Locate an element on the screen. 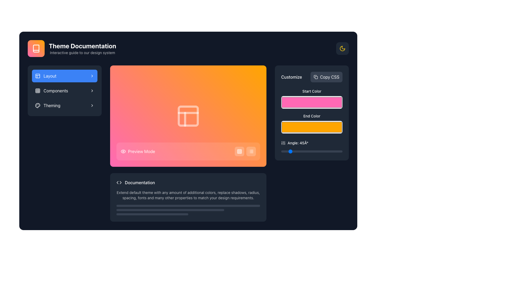  the third and smallest horizontal progress bar, which is gray and located in the bottom part of the interface is located at coordinates (152, 214).